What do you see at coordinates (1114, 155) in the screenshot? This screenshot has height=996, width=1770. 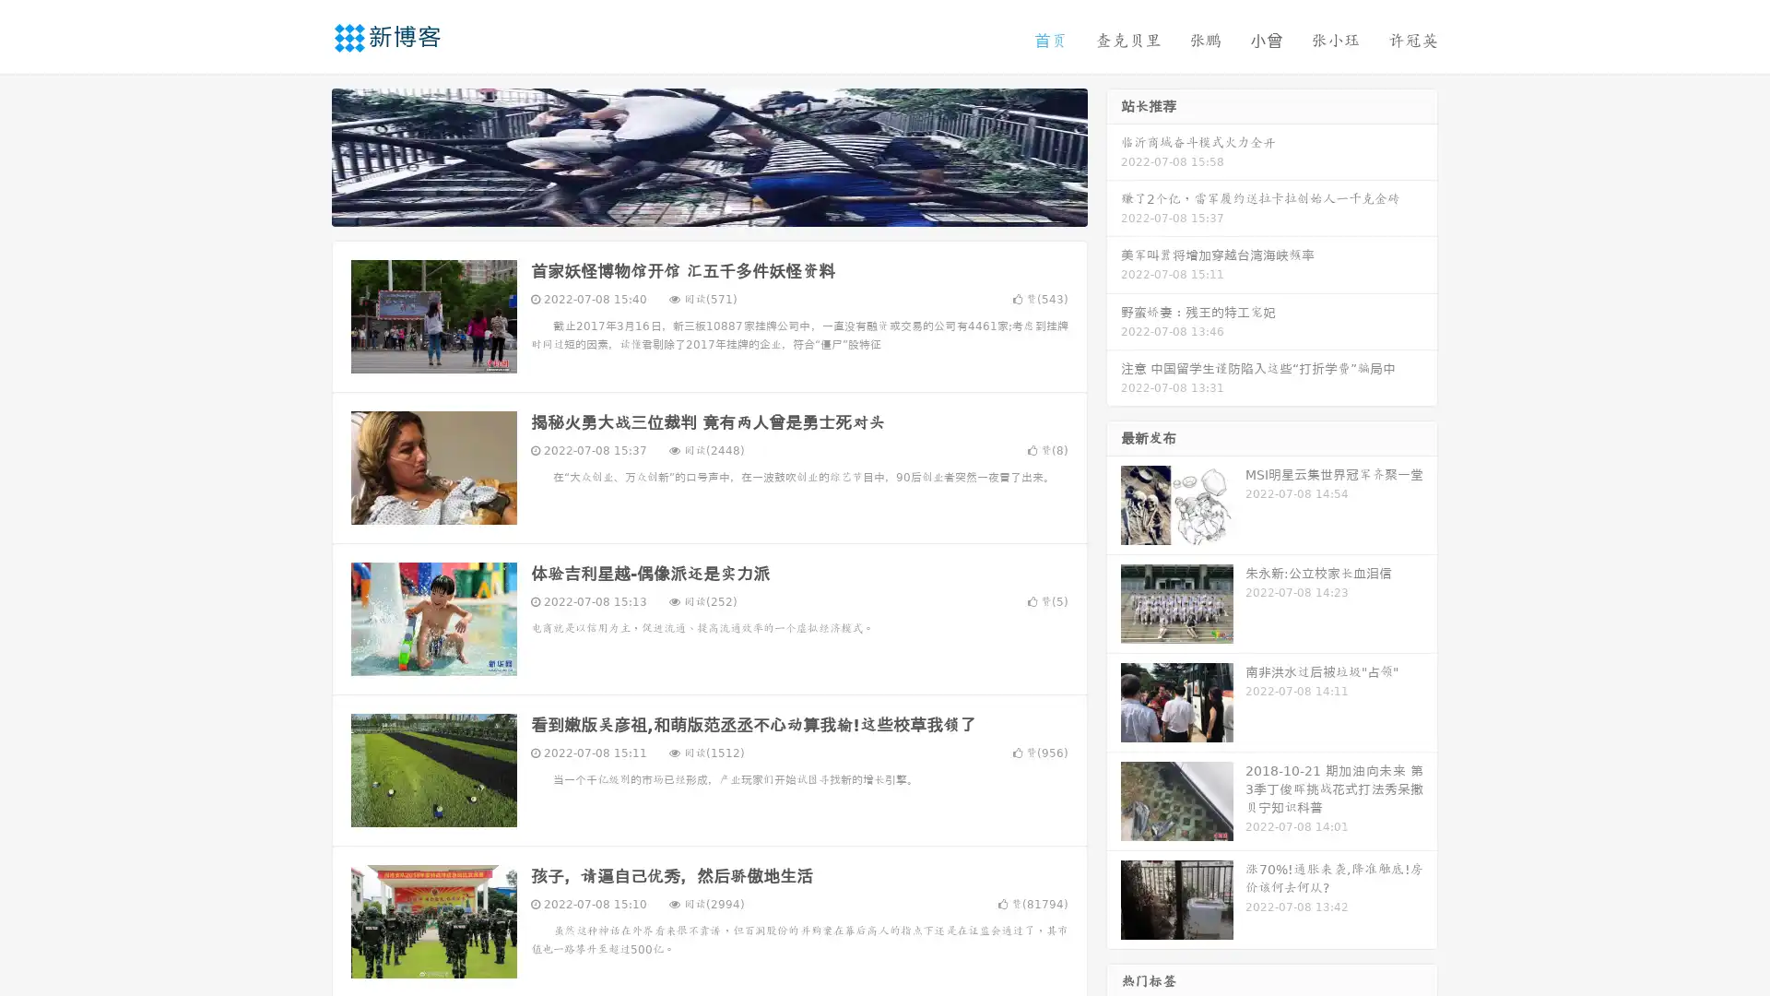 I see `Next slide` at bounding box center [1114, 155].